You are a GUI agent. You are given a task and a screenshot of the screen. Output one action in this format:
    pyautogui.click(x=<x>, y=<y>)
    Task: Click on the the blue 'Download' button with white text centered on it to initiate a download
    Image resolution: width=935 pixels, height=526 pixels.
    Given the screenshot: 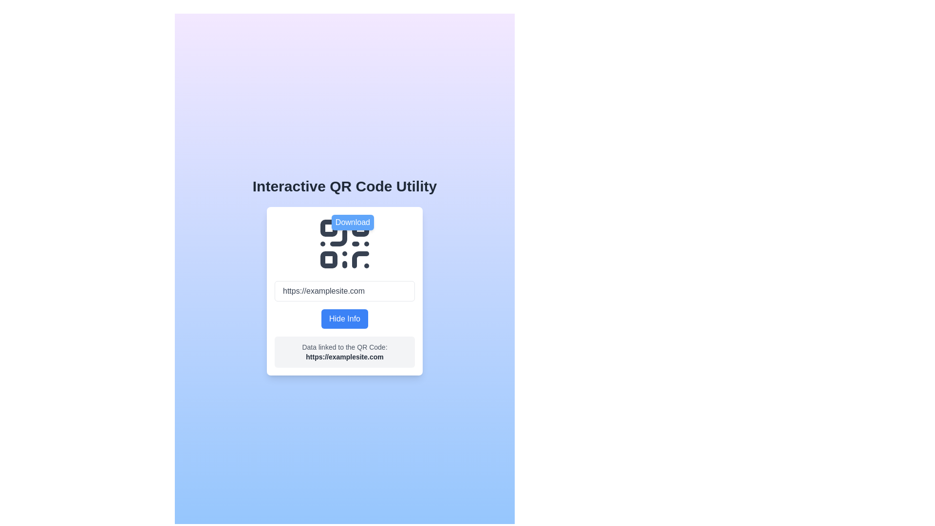 What is the action you would take?
    pyautogui.click(x=352, y=222)
    